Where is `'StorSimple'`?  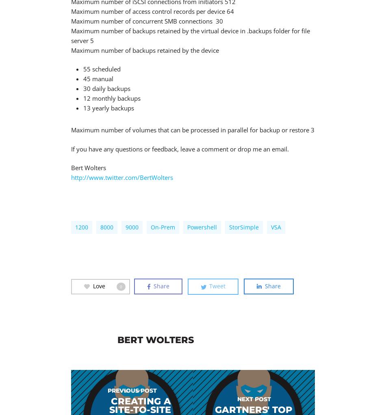
'StorSimple' is located at coordinates (229, 227).